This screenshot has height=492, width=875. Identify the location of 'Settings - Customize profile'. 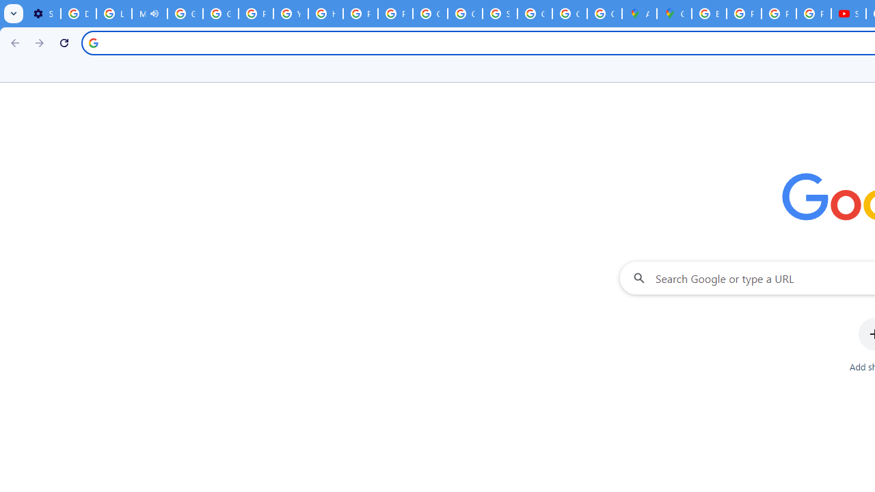
(43, 14).